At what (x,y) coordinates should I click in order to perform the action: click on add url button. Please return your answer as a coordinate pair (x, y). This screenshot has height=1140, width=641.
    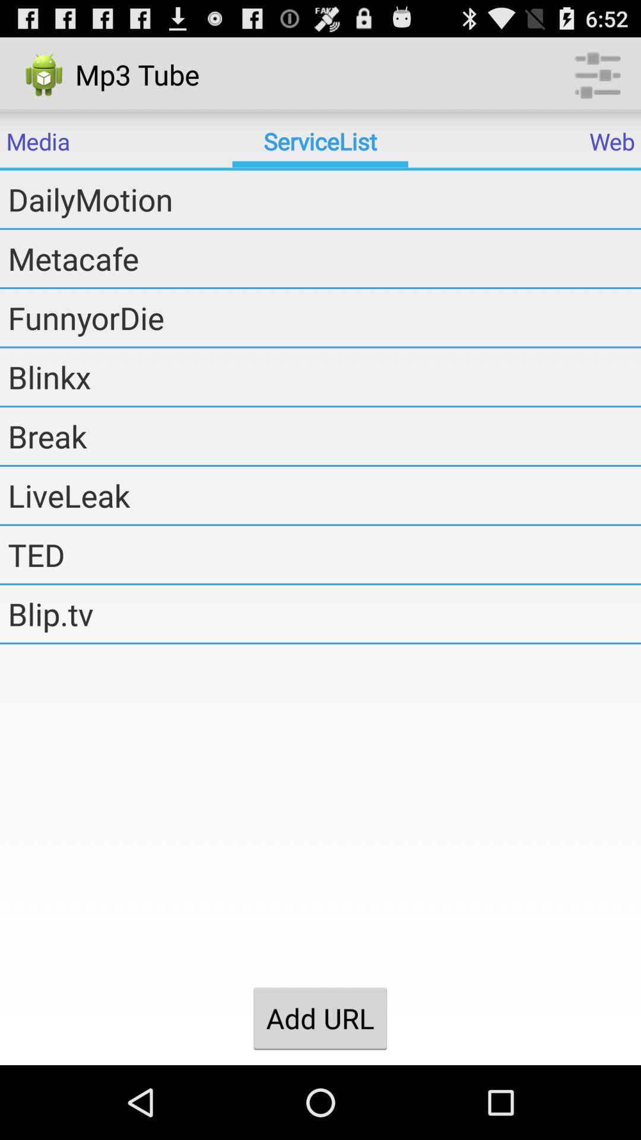
    Looking at the image, I should click on (319, 1018).